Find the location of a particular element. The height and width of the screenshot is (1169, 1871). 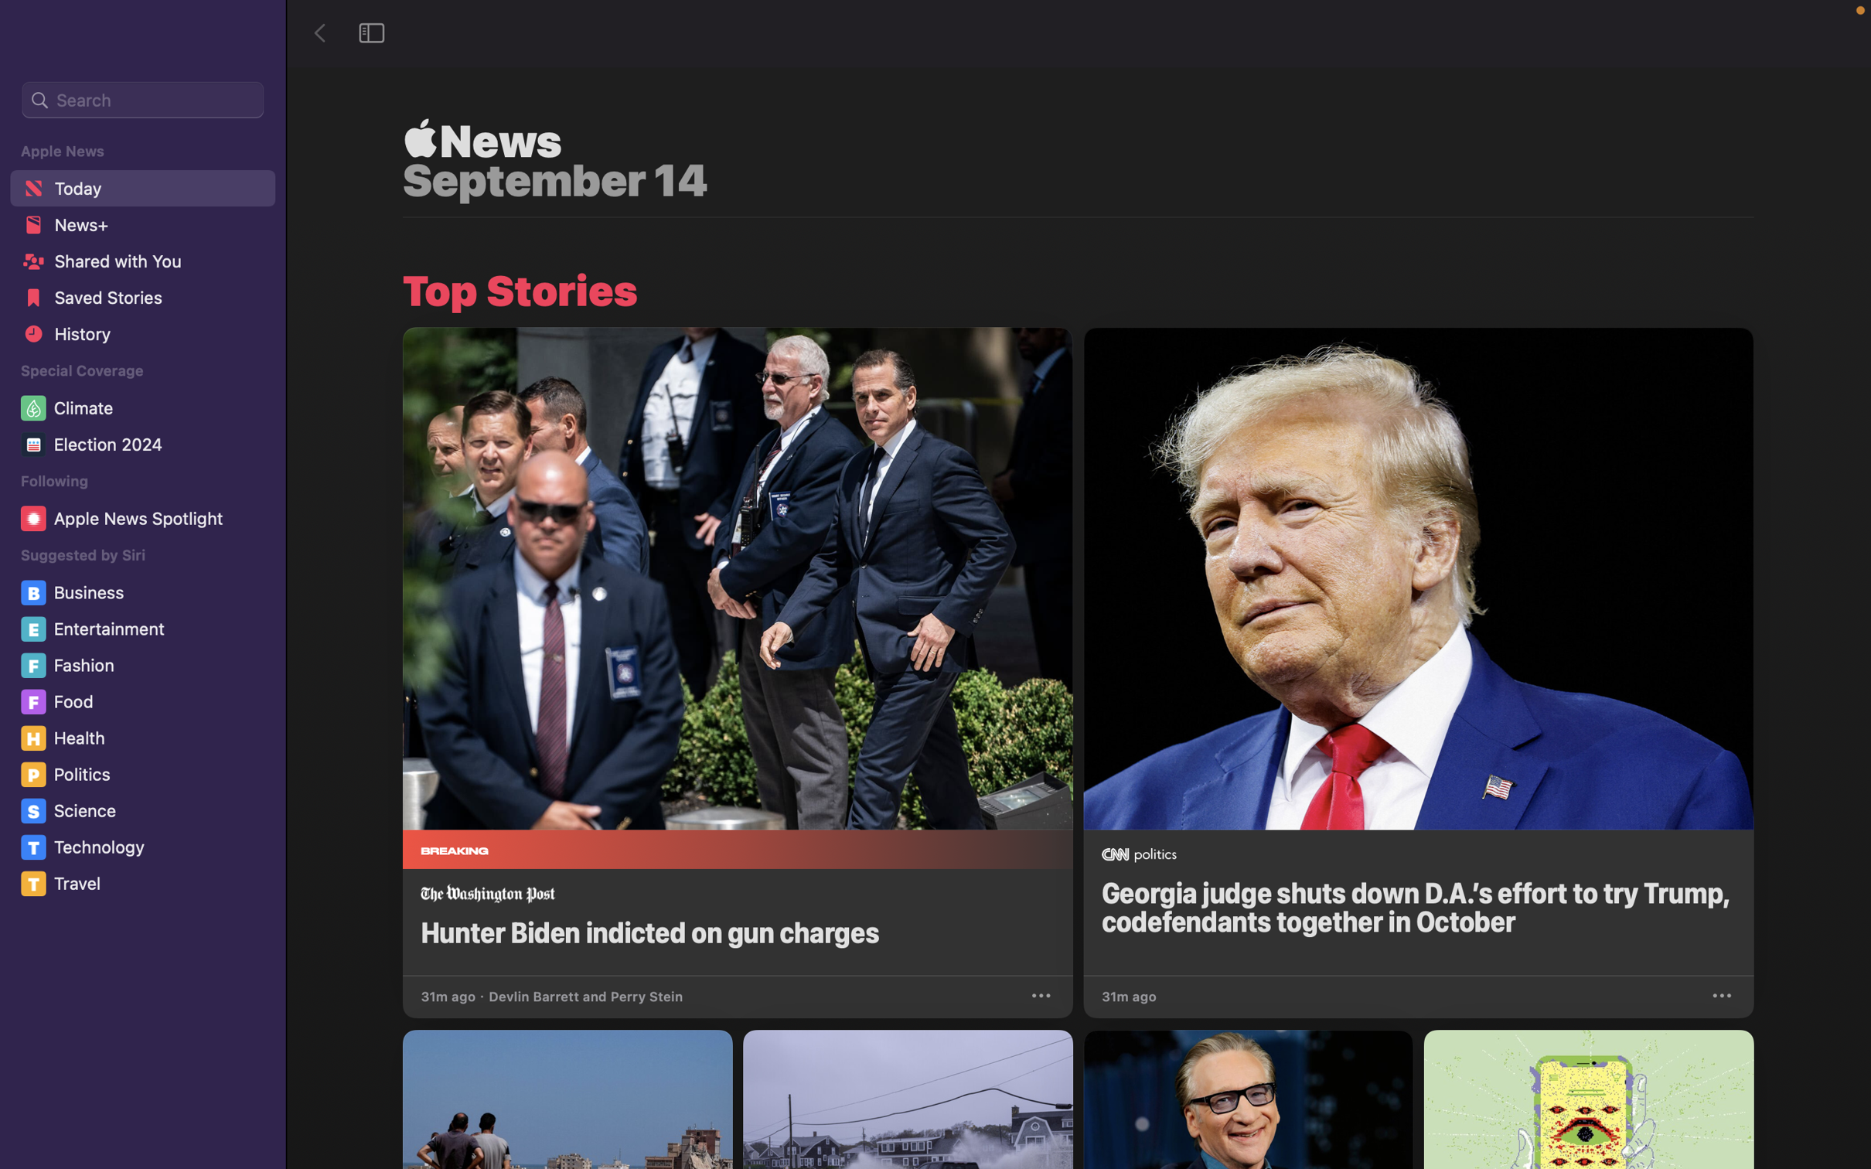

the "Technology" section is located at coordinates (145, 847).